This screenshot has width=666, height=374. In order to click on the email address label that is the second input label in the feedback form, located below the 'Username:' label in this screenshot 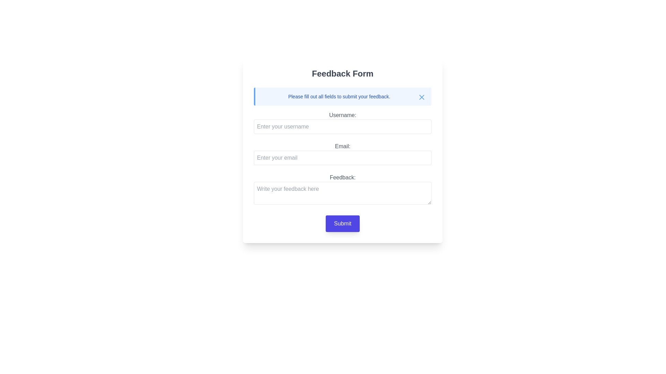, I will do `click(343, 149)`.